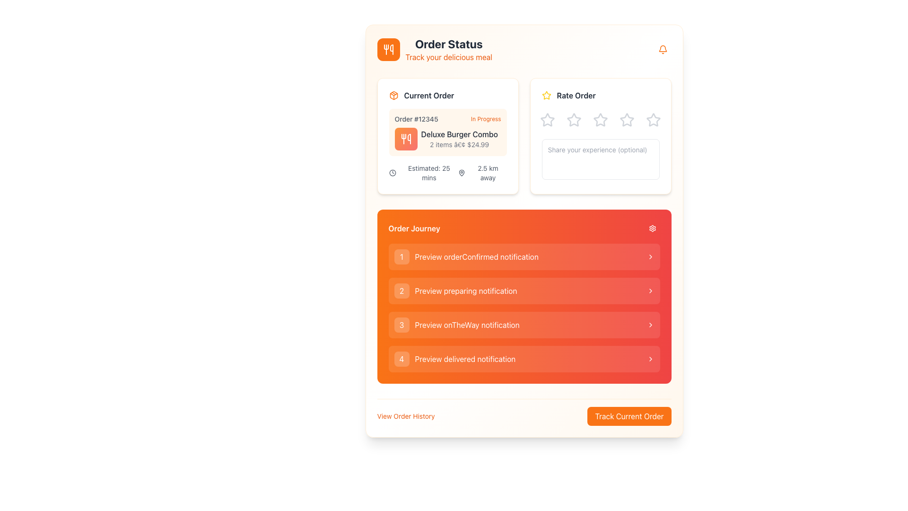 This screenshot has height=511, width=908. I want to click on the first button-like list item in the 'Order Journey' notifications, so click(524, 257).